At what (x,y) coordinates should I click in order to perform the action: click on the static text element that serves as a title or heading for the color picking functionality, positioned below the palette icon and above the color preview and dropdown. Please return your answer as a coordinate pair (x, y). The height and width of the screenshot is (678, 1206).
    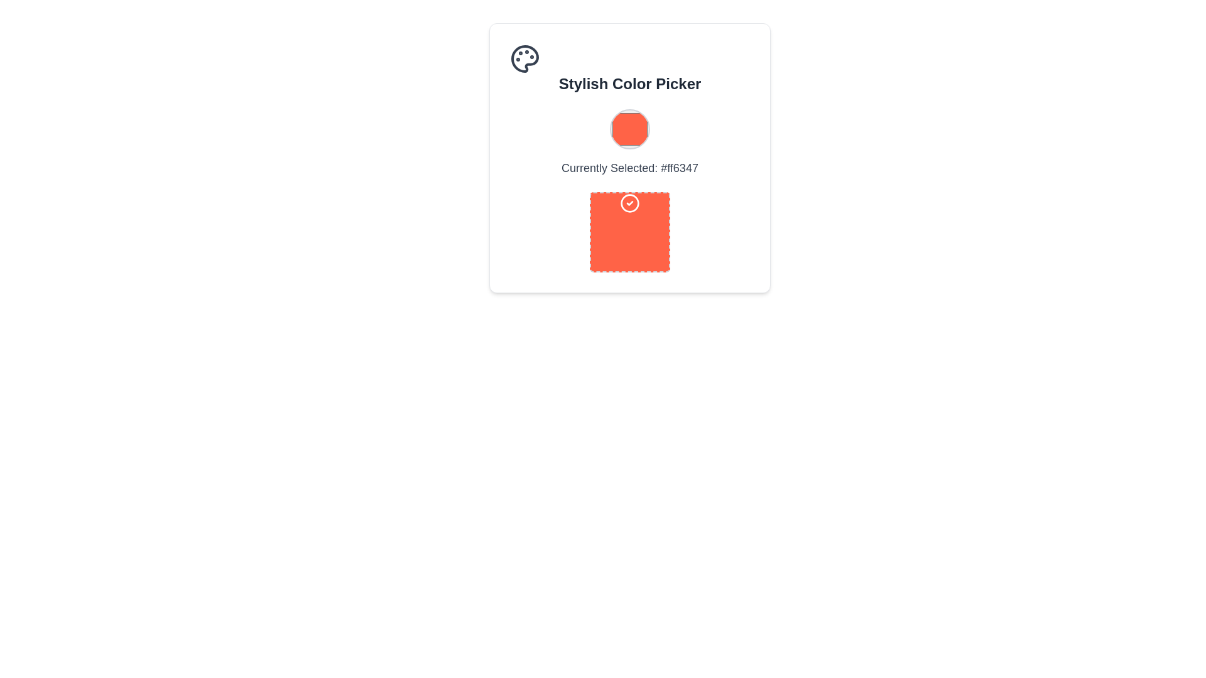
    Looking at the image, I should click on (630, 84).